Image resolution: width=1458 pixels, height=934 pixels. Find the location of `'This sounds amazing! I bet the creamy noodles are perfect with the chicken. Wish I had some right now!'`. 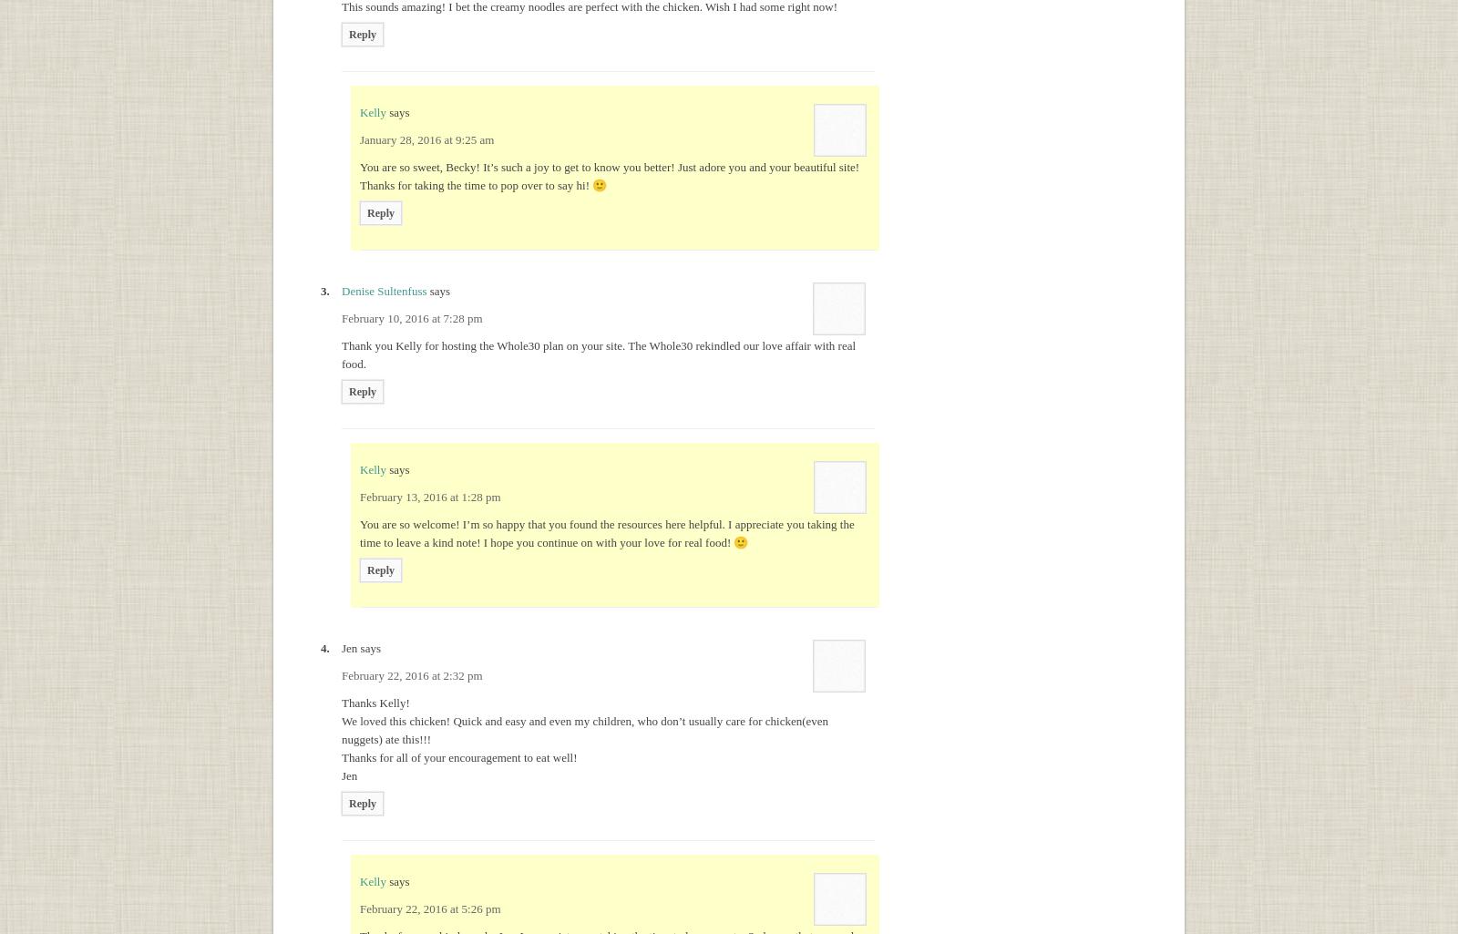

'This sounds amazing! I bet the creamy noodles are perfect with the chicken. Wish I had some right now!' is located at coordinates (590, 6).